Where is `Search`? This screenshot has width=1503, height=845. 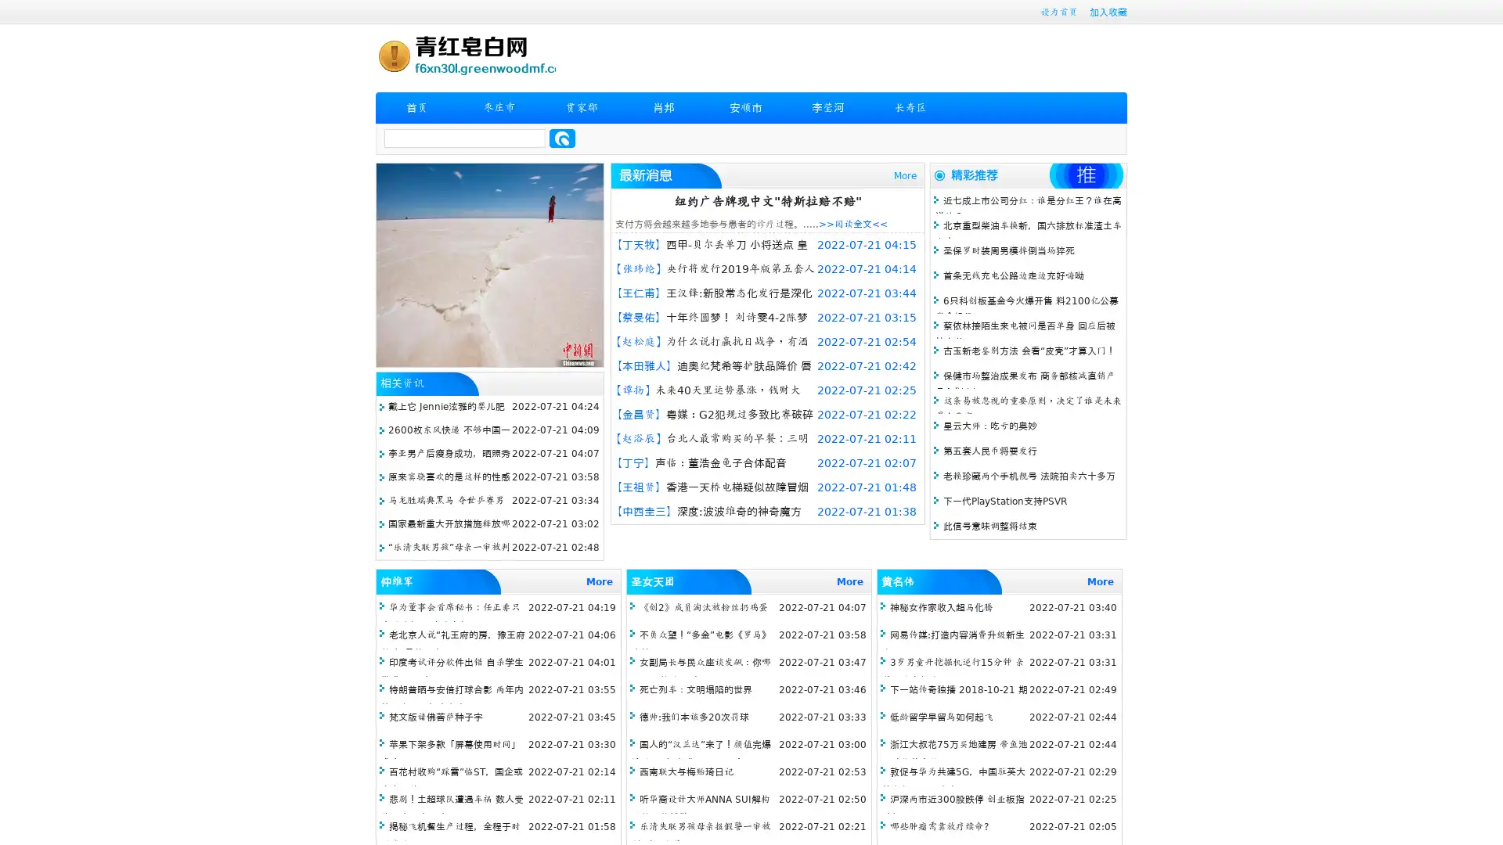 Search is located at coordinates (562, 138).